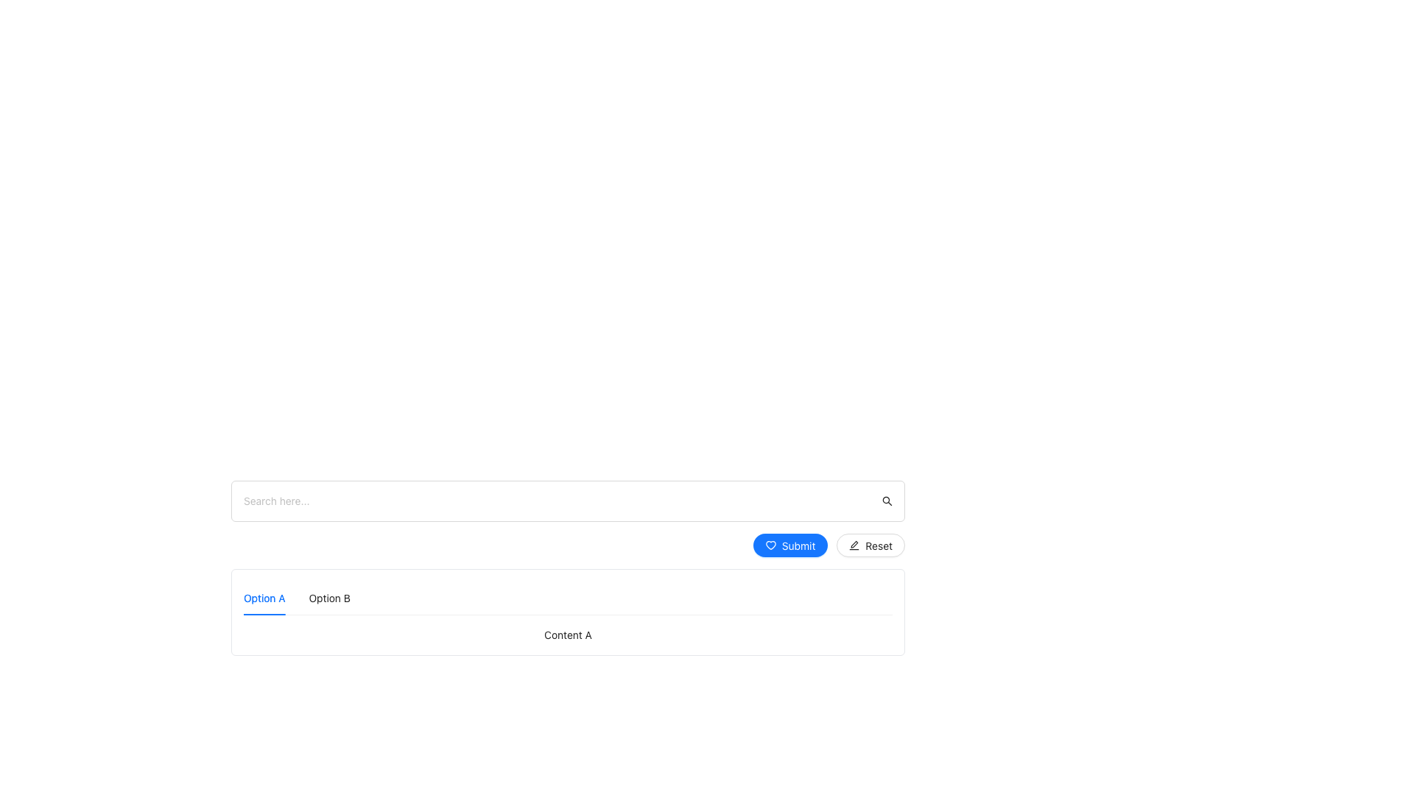 The width and height of the screenshot is (1414, 795). What do you see at coordinates (854, 545) in the screenshot?
I see `the pencil-shaped edit icon located at the bottom-right corner of the interface` at bounding box center [854, 545].